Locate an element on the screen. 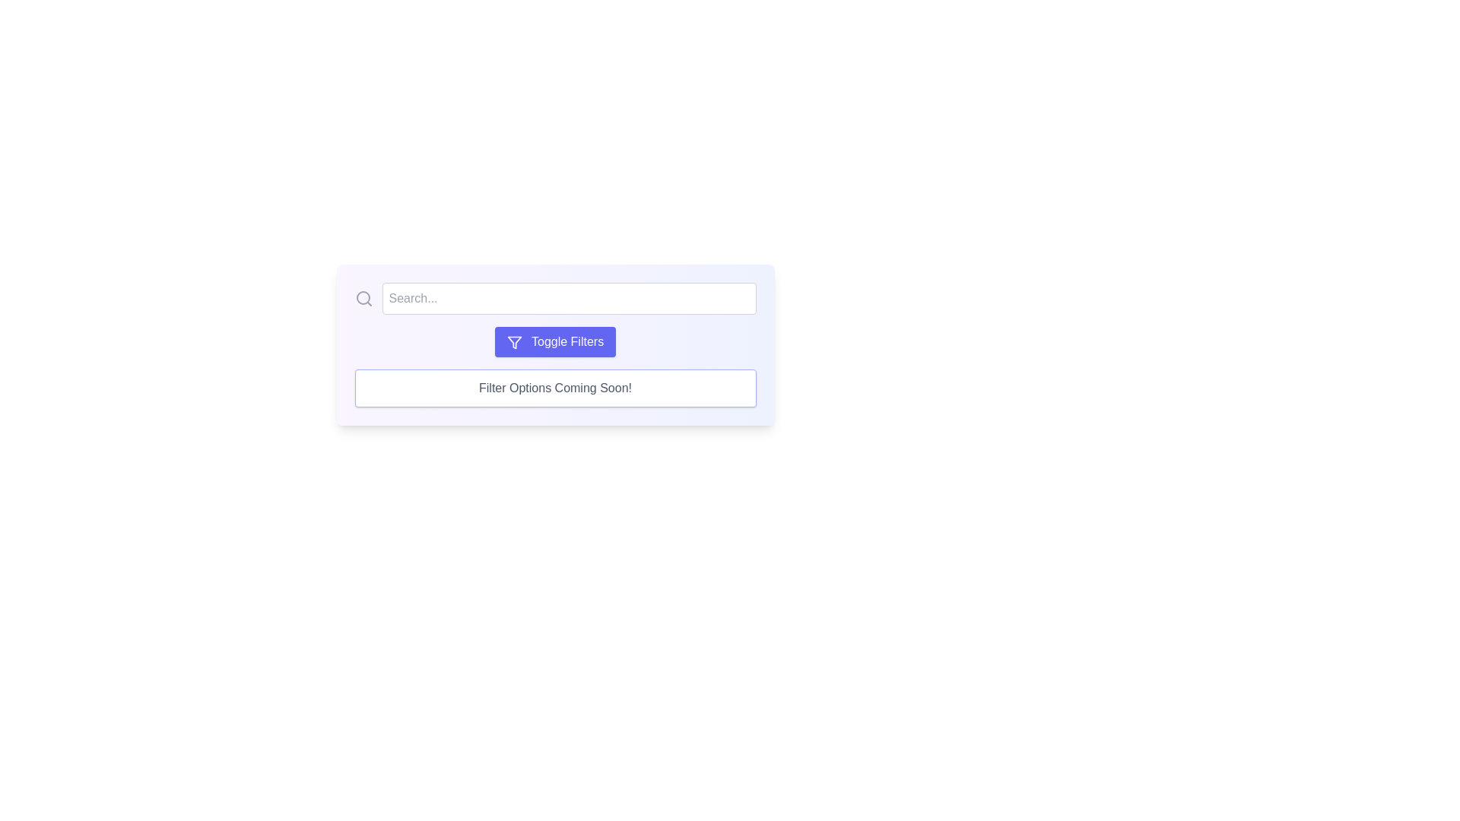  the filter toggle button located centrally below the search bar and above the description text box is located at coordinates (554, 345).